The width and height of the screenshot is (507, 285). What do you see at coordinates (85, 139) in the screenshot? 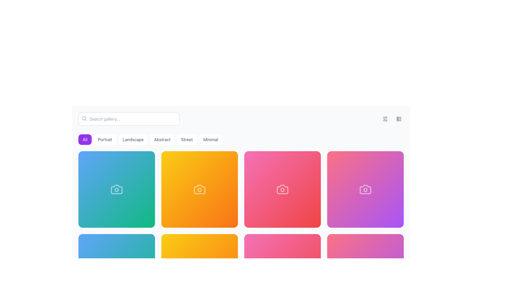
I see `the rectangular button with rounded corners that has a purple background and white text reading 'All'` at bounding box center [85, 139].